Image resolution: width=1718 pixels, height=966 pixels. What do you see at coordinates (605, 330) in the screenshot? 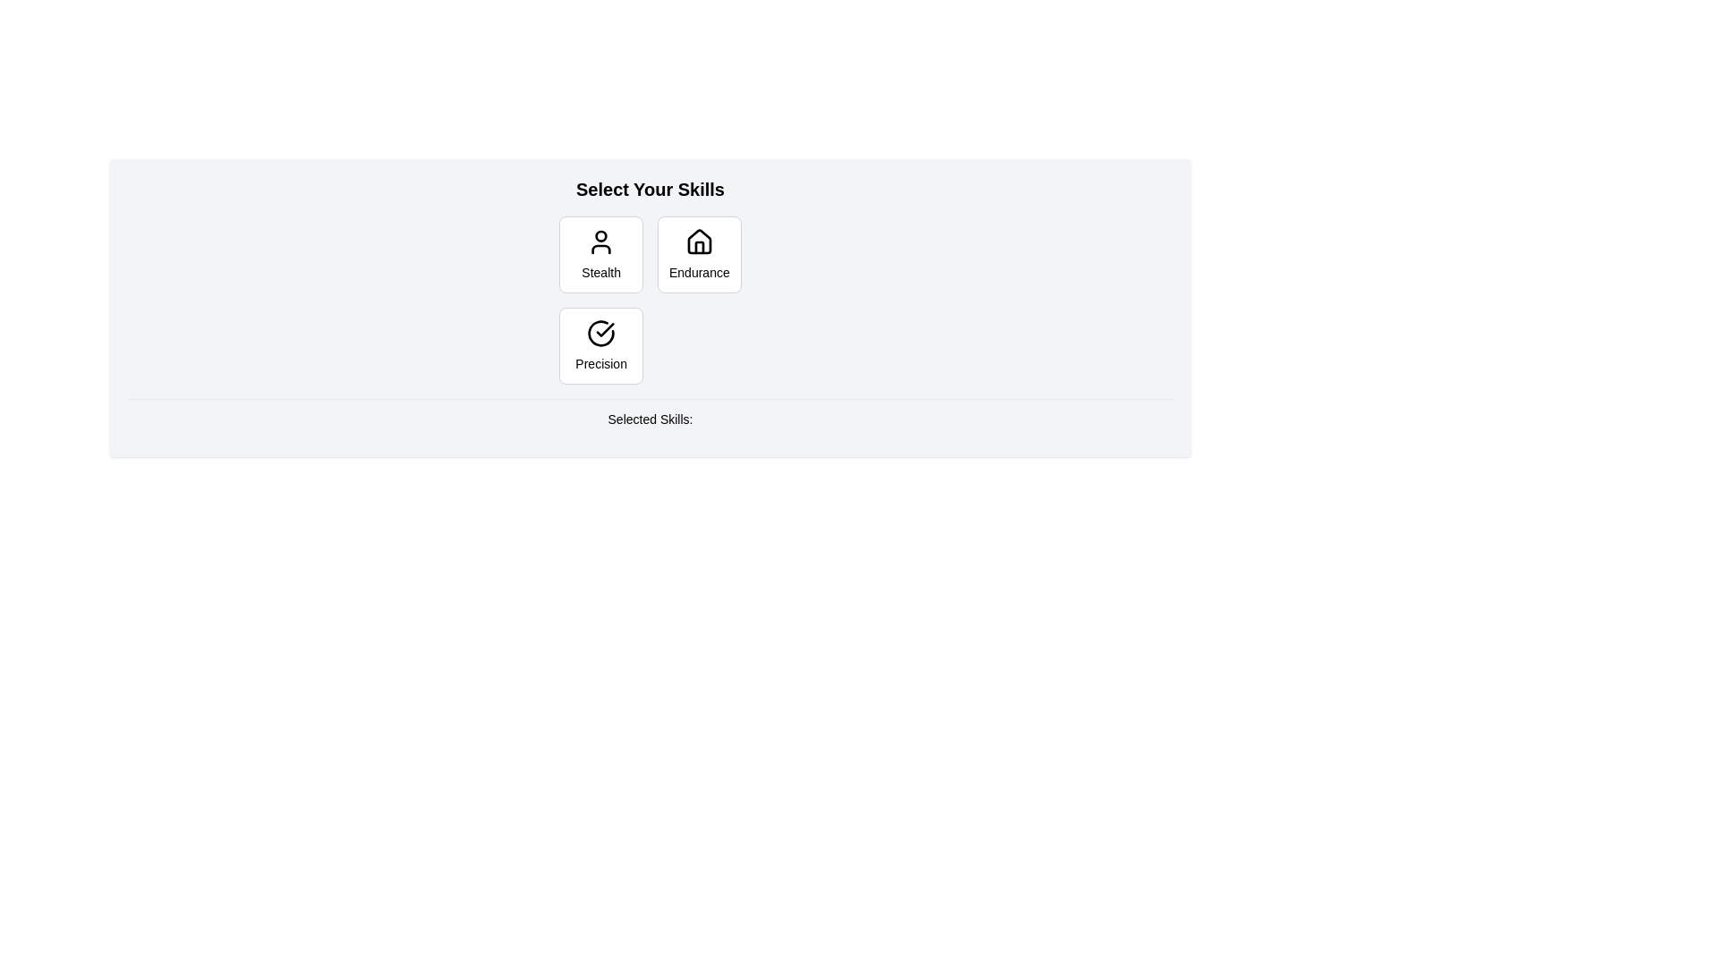
I see `the checkmark graphical icon component located in the lower segment of the circular graphic` at bounding box center [605, 330].